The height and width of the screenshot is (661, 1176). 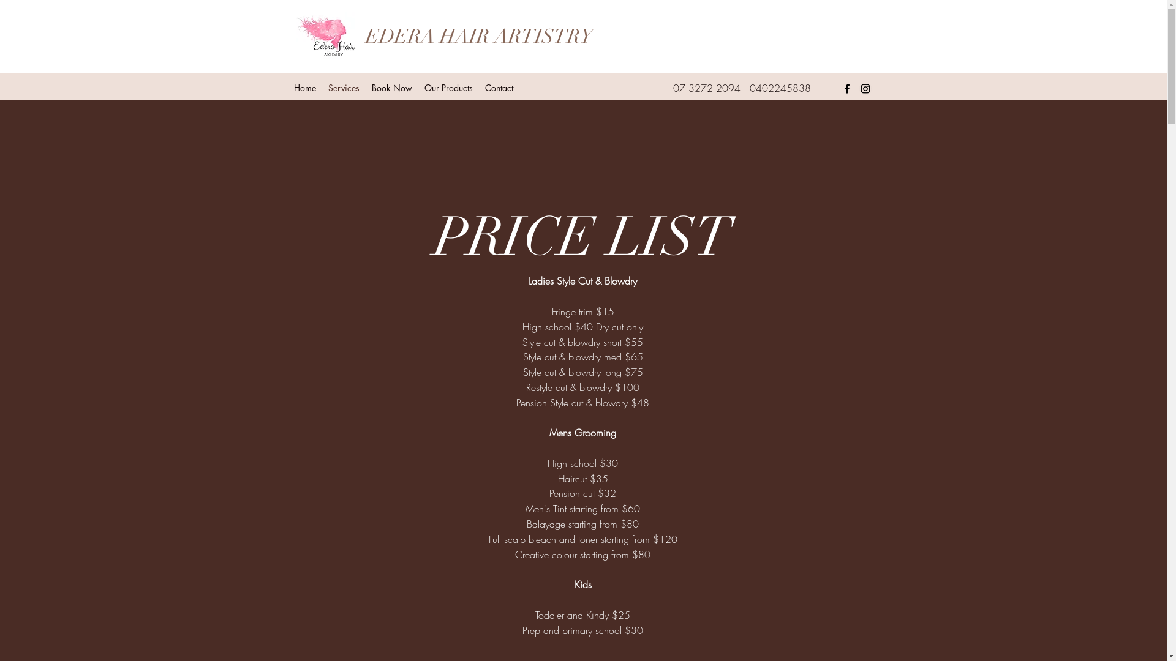 What do you see at coordinates (390, 87) in the screenshot?
I see `'Book Now'` at bounding box center [390, 87].